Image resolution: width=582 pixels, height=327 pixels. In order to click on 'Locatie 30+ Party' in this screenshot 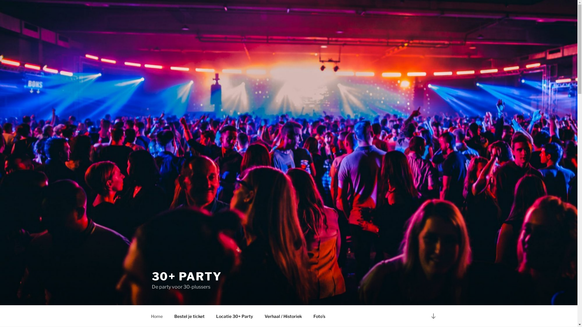, I will do `click(211, 316)`.